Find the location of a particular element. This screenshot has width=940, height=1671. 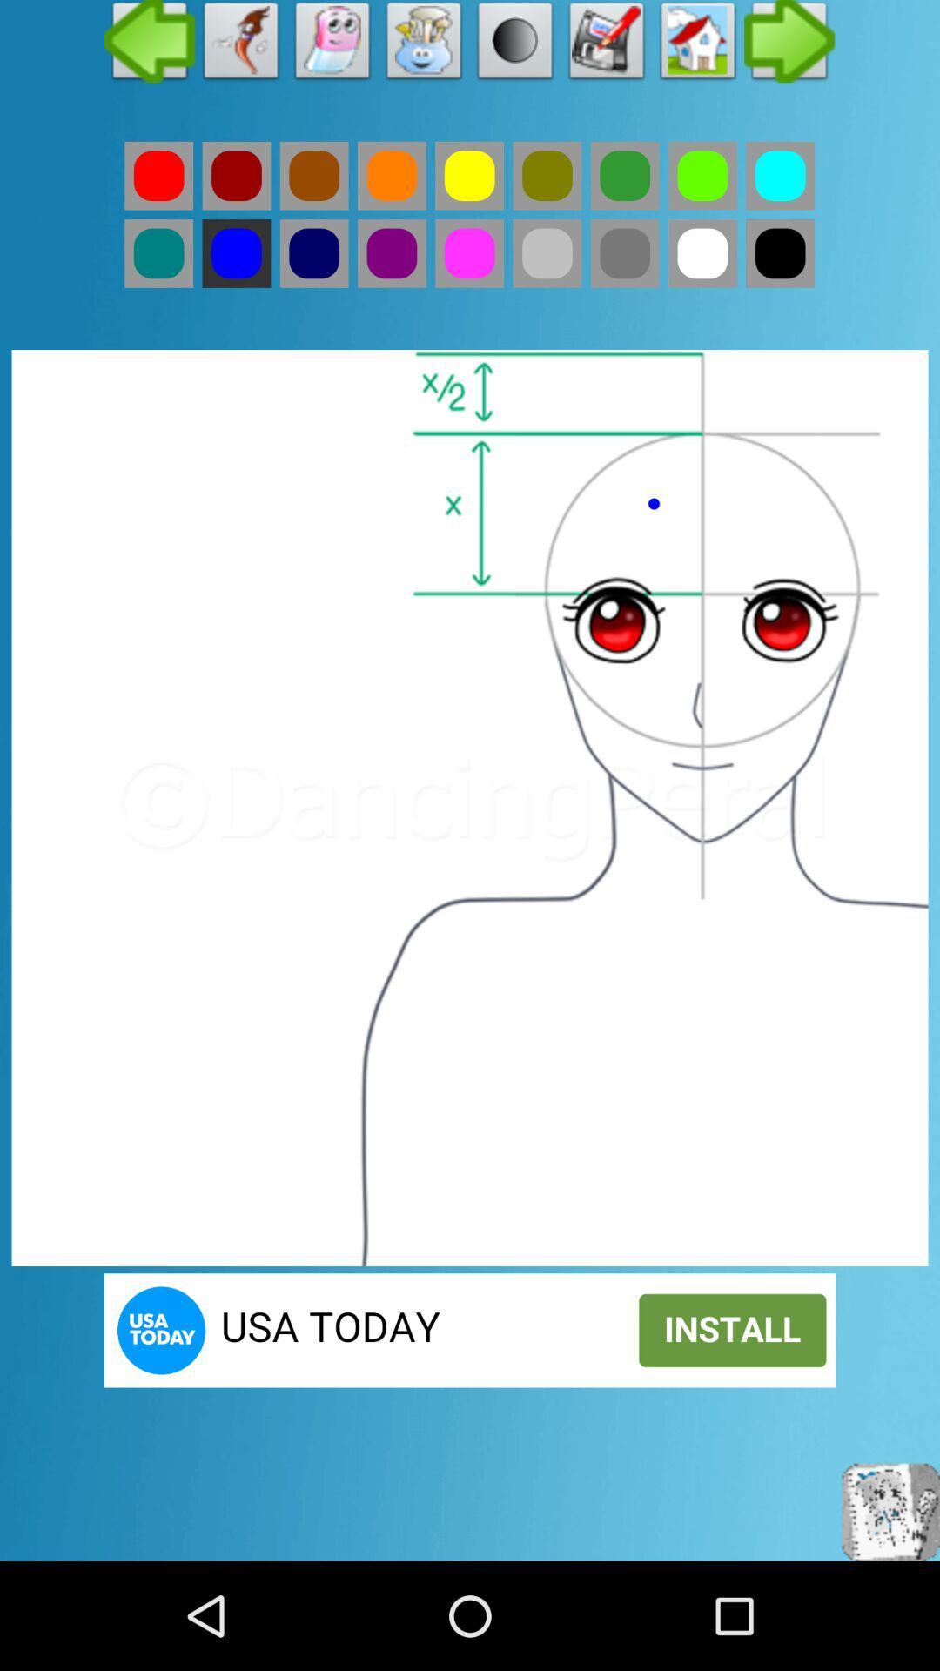

black is located at coordinates (779, 252).